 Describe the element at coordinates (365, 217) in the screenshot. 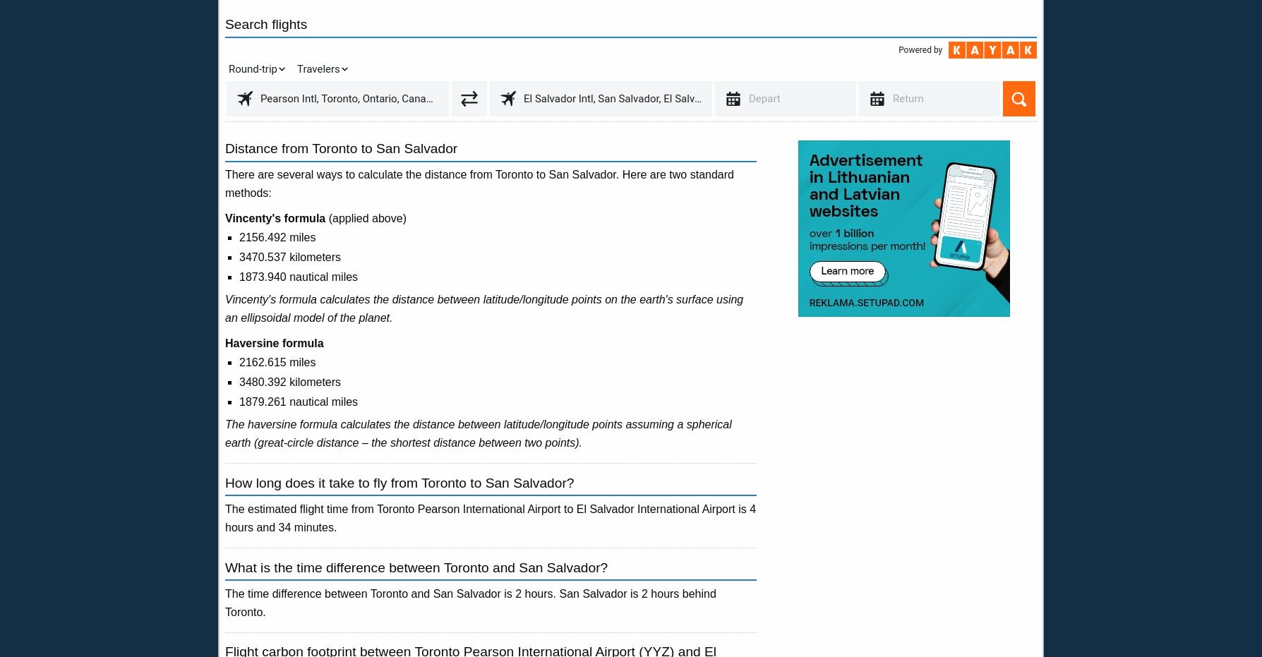

I see `'(applied above)'` at that location.